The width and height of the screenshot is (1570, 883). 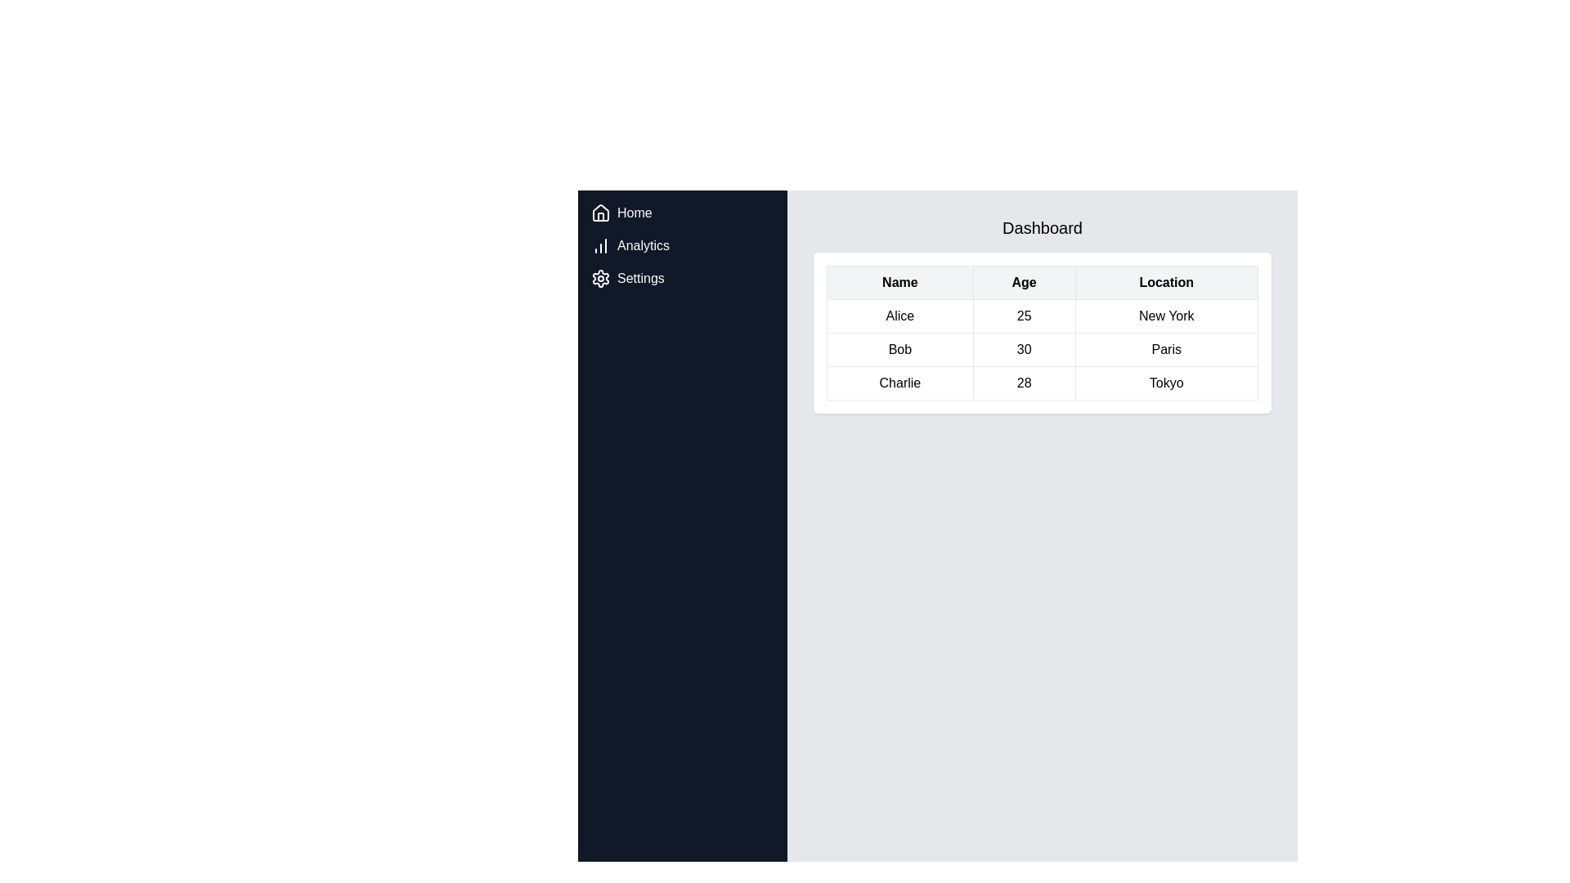 What do you see at coordinates (1165, 316) in the screenshot?
I see `the Text field displaying the location information for 'Alice' which shows 'New York' in the grid under the 'Location' column` at bounding box center [1165, 316].